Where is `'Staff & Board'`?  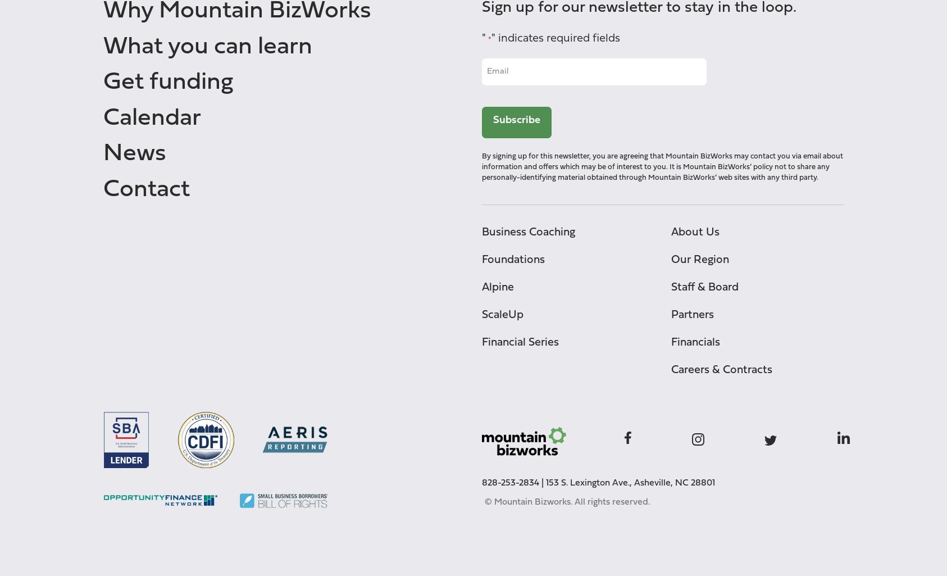 'Staff & Board' is located at coordinates (671, 287).